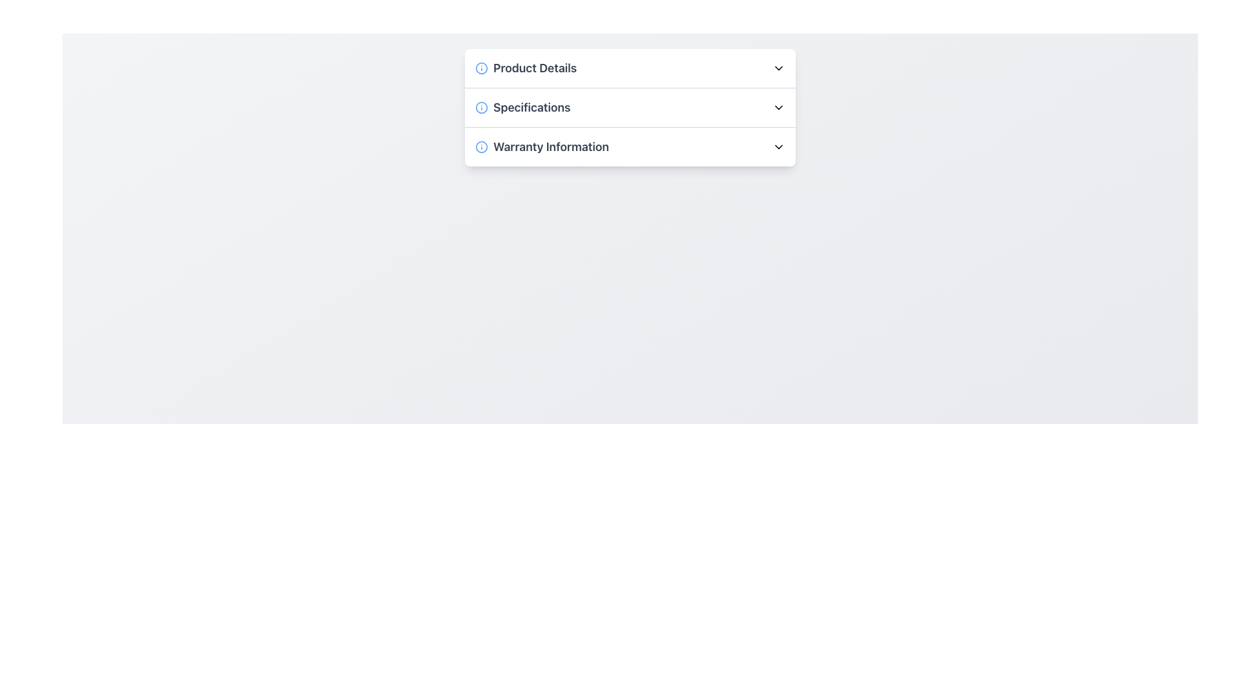 This screenshot has width=1240, height=697. Describe the element at coordinates (551, 146) in the screenshot. I see `the text label reading 'Warranty Information' styled with a bold serif font and medium text size, located as the third text label in a vertically stacked list` at that location.